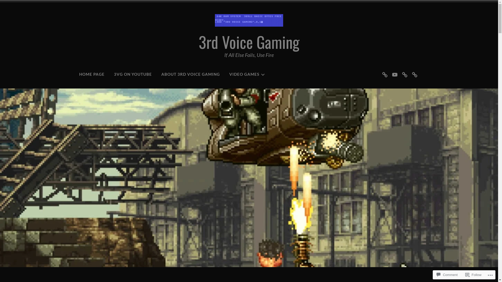  What do you see at coordinates (92, 74) in the screenshot?
I see `'HOME PAGE'` at bounding box center [92, 74].